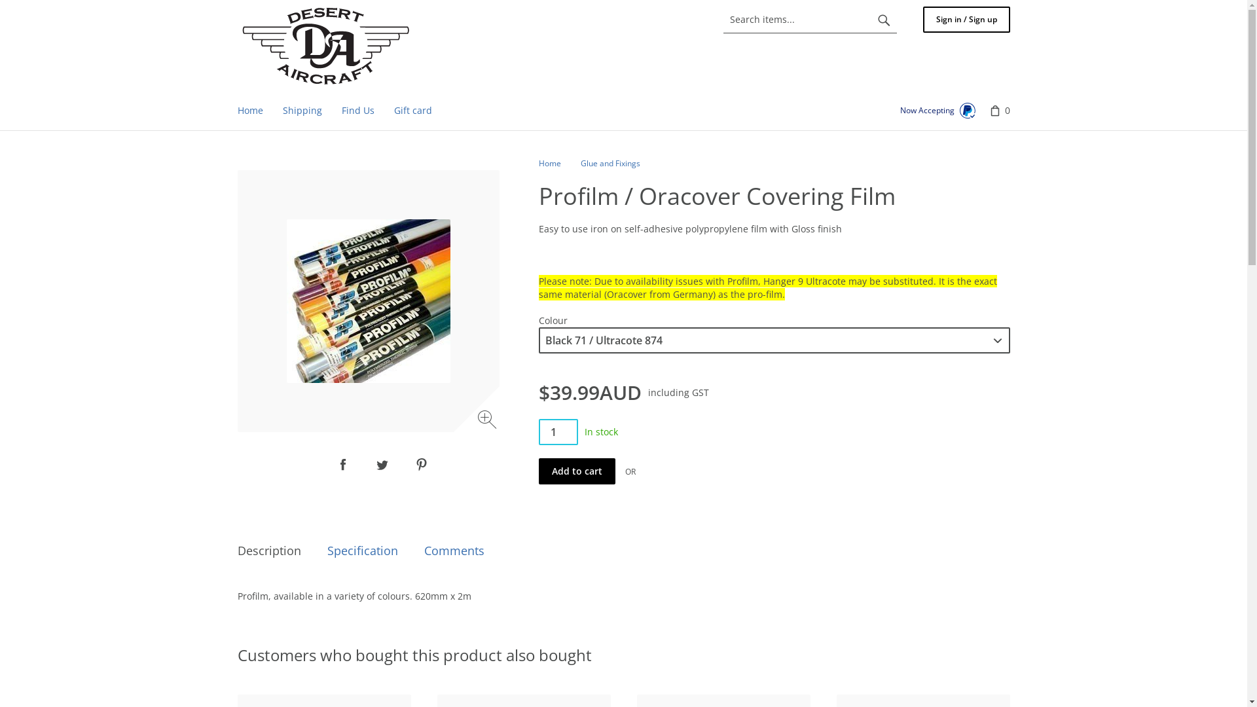 This screenshot has height=707, width=1257. I want to click on 'Find Us', so click(357, 110).